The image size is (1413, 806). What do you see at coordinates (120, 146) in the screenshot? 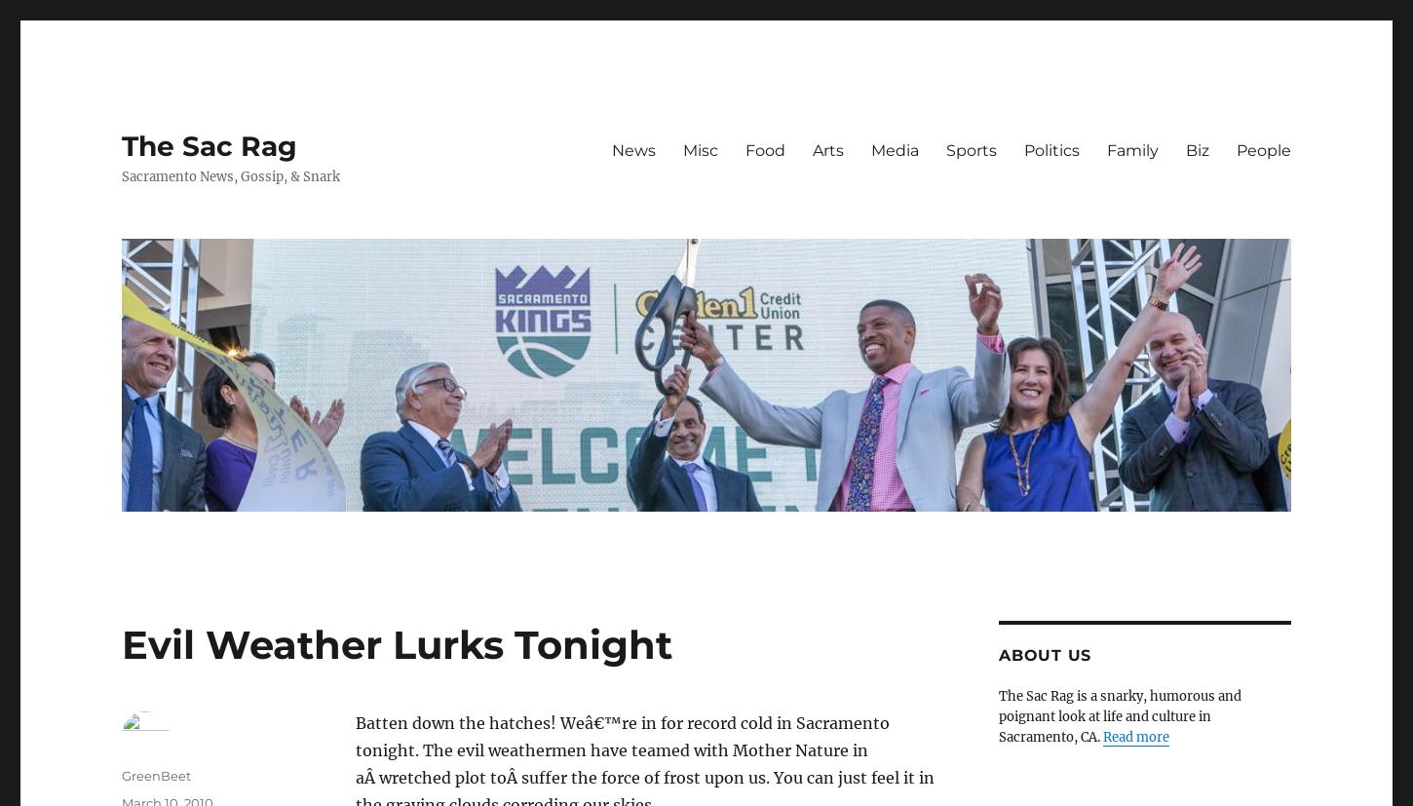
I see `'The Sac Rag'` at bounding box center [120, 146].